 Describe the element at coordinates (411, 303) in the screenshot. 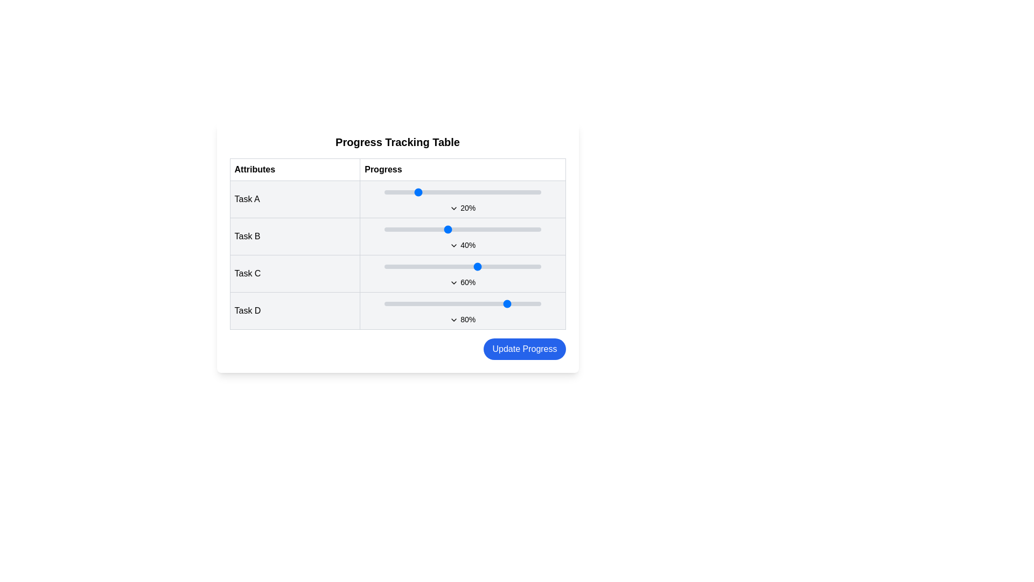

I see `the Task D progress value` at that location.